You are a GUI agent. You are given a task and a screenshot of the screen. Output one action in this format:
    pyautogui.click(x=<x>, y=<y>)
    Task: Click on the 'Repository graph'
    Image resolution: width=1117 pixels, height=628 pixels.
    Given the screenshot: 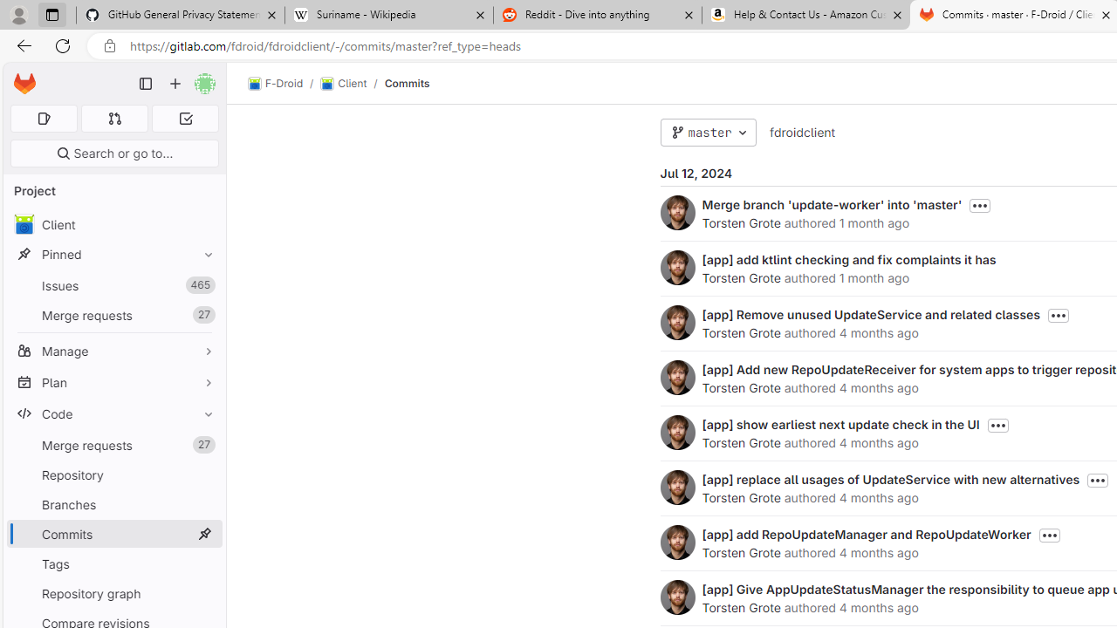 What is the action you would take?
    pyautogui.click(x=113, y=592)
    